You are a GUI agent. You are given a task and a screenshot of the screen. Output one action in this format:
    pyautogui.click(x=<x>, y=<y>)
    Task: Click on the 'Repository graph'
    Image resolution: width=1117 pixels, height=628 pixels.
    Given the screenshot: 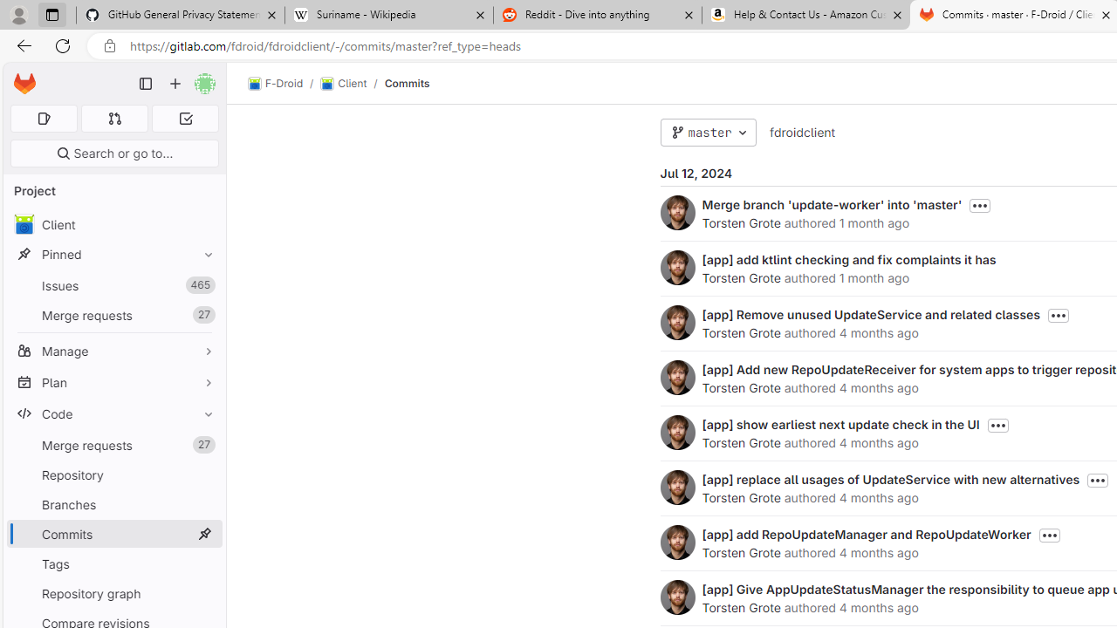 What is the action you would take?
    pyautogui.click(x=113, y=592)
    